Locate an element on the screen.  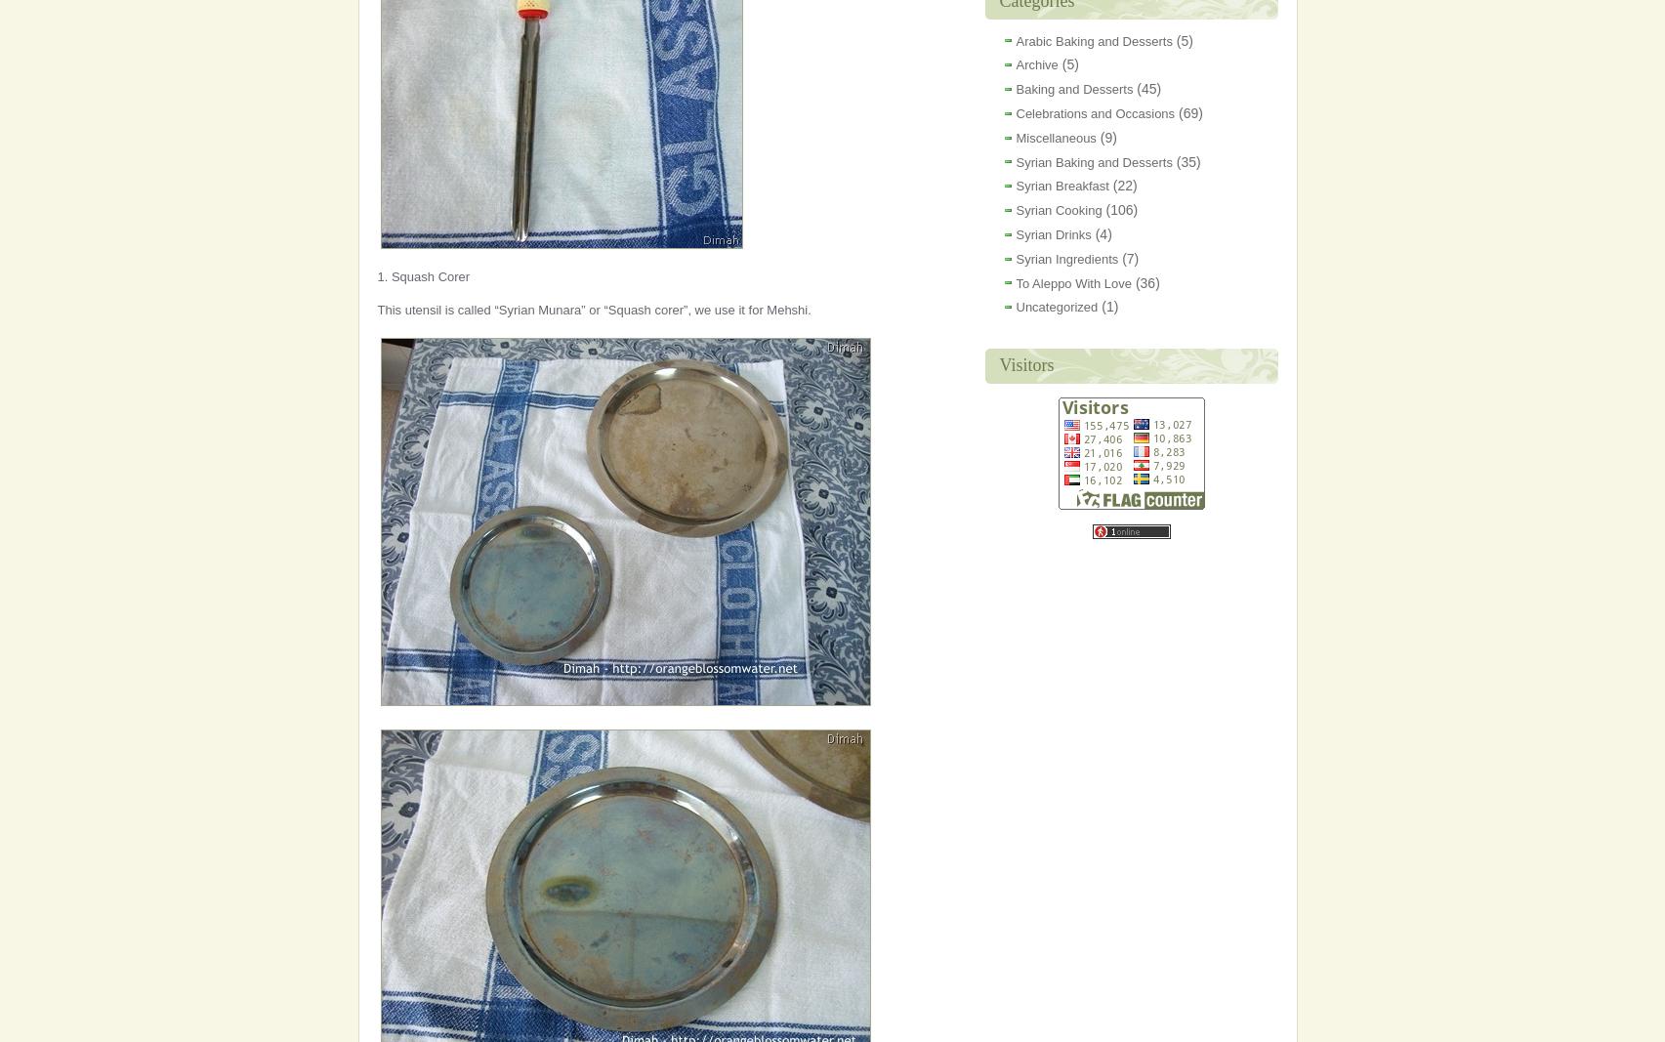
'Miscellaneous' is located at coordinates (1054, 136).